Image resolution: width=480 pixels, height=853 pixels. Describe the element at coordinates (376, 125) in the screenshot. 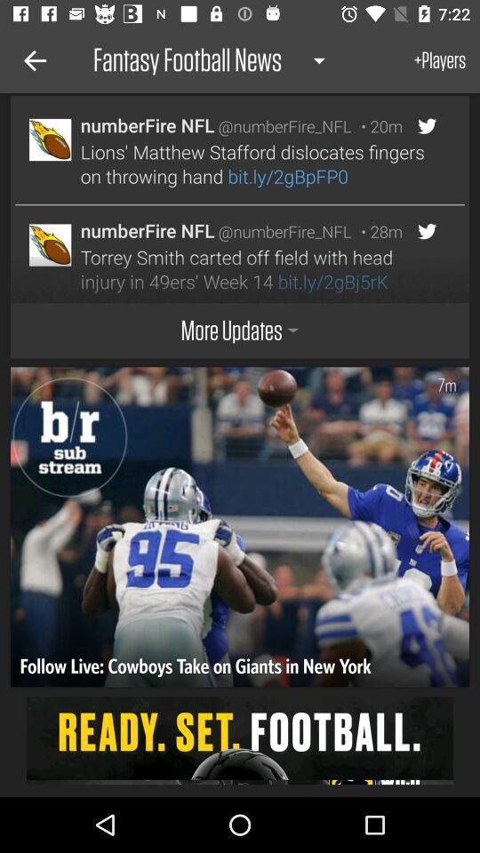

I see `item above the lions matthew stafford` at that location.